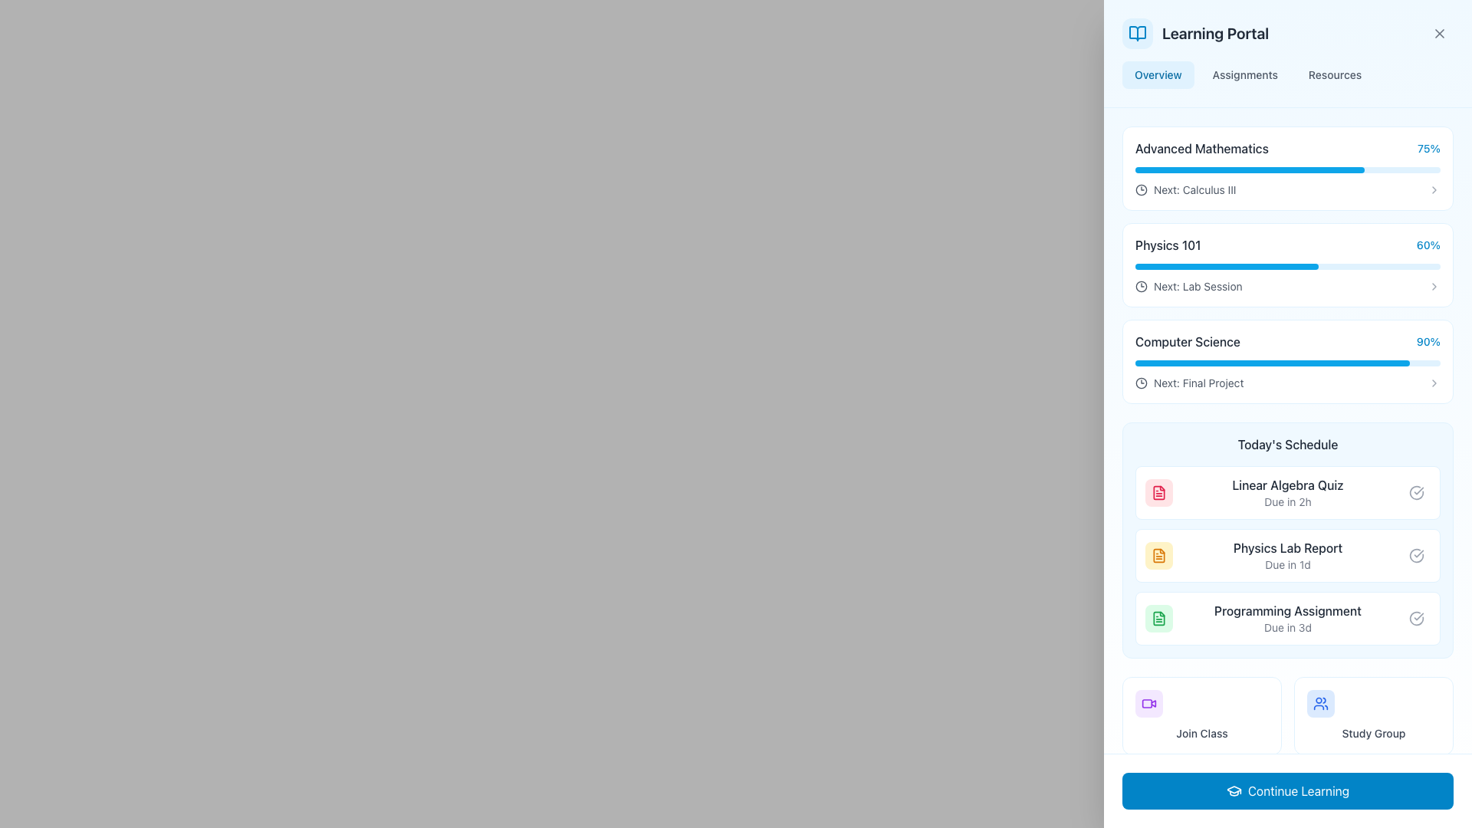  What do you see at coordinates (1428, 148) in the screenshot?
I see `percentage information displayed in the text label showing '75%' with a sky-blue font color on the right side of the 'Advanced Mathematics' row` at bounding box center [1428, 148].